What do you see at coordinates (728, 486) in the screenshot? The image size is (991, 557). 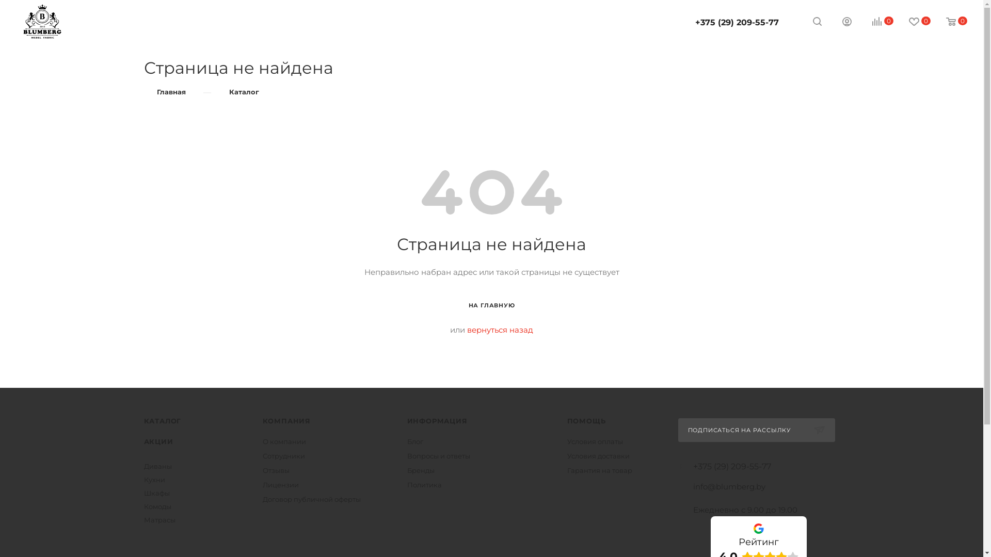 I see `'info@blumberg.by'` at bounding box center [728, 486].